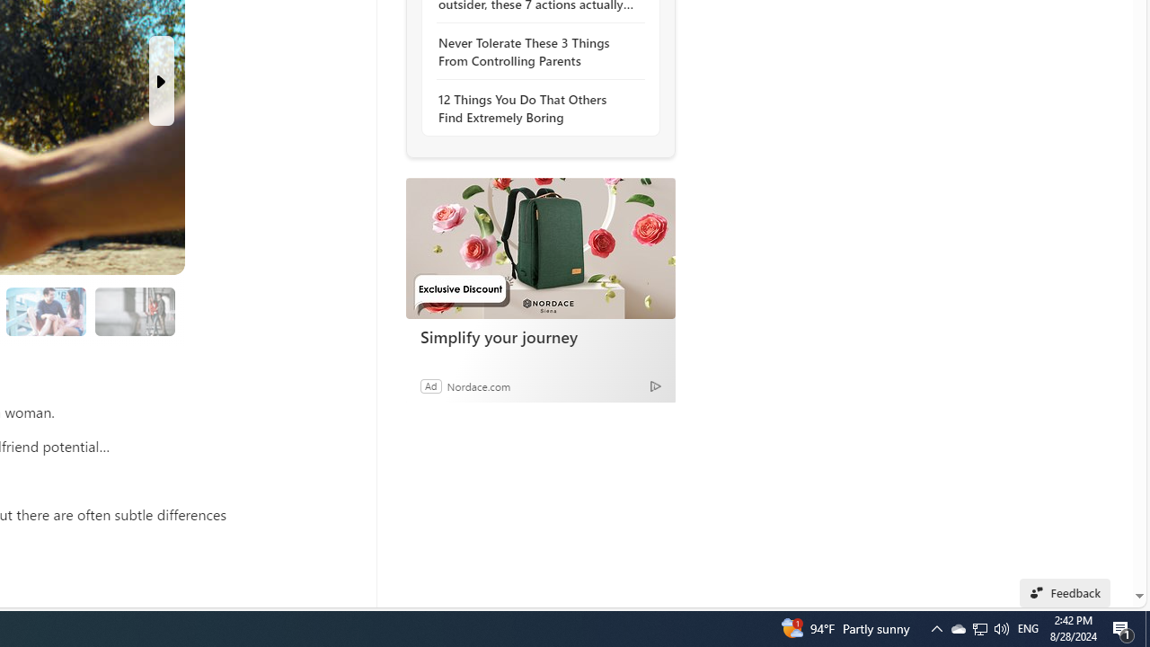 The width and height of the screenshot is (1150, 647). What do you see at coordinates (539, 248) in the screenshot?
I see `'Simplify your journey'` at bounding box center [539, 248].